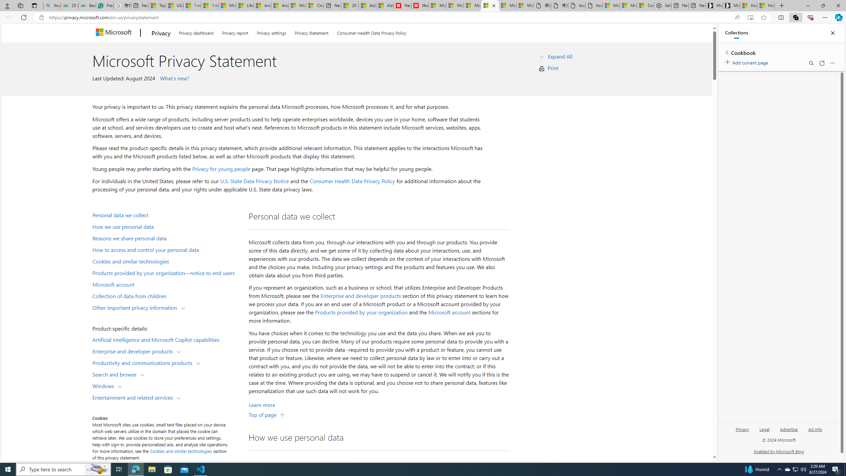  Describe the element at coordinates (594, 5) in the screenshot. I see `'itconcepthk.com/projector_solutions.mp4'` at that location.